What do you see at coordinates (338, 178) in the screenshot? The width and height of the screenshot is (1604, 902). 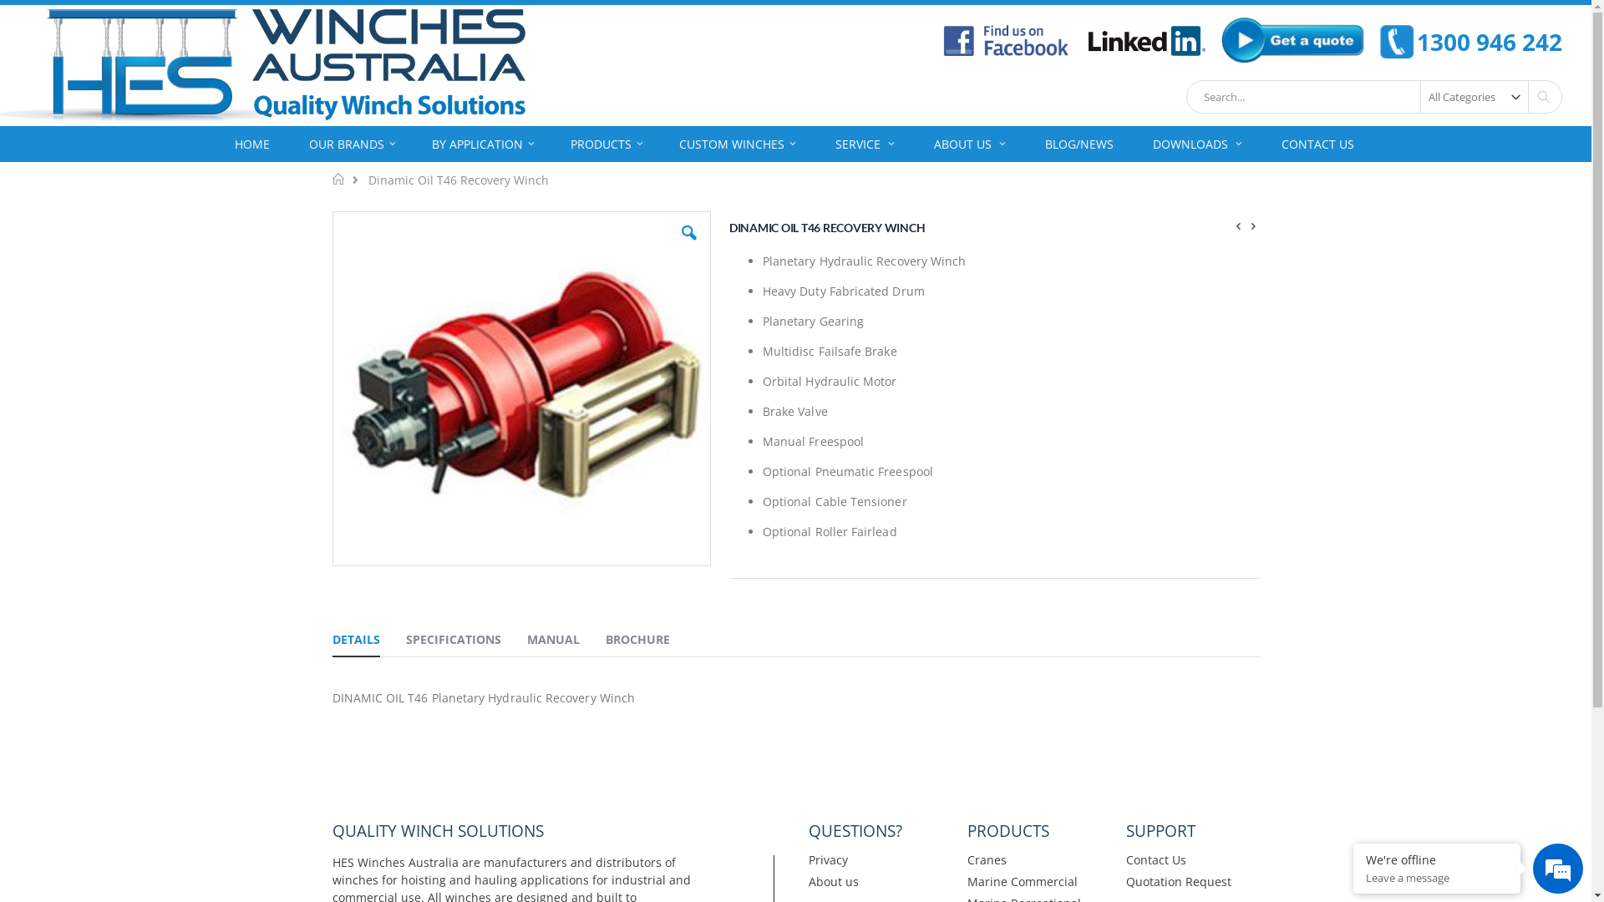 I see `'Home'` at bounding box center [338, 178].